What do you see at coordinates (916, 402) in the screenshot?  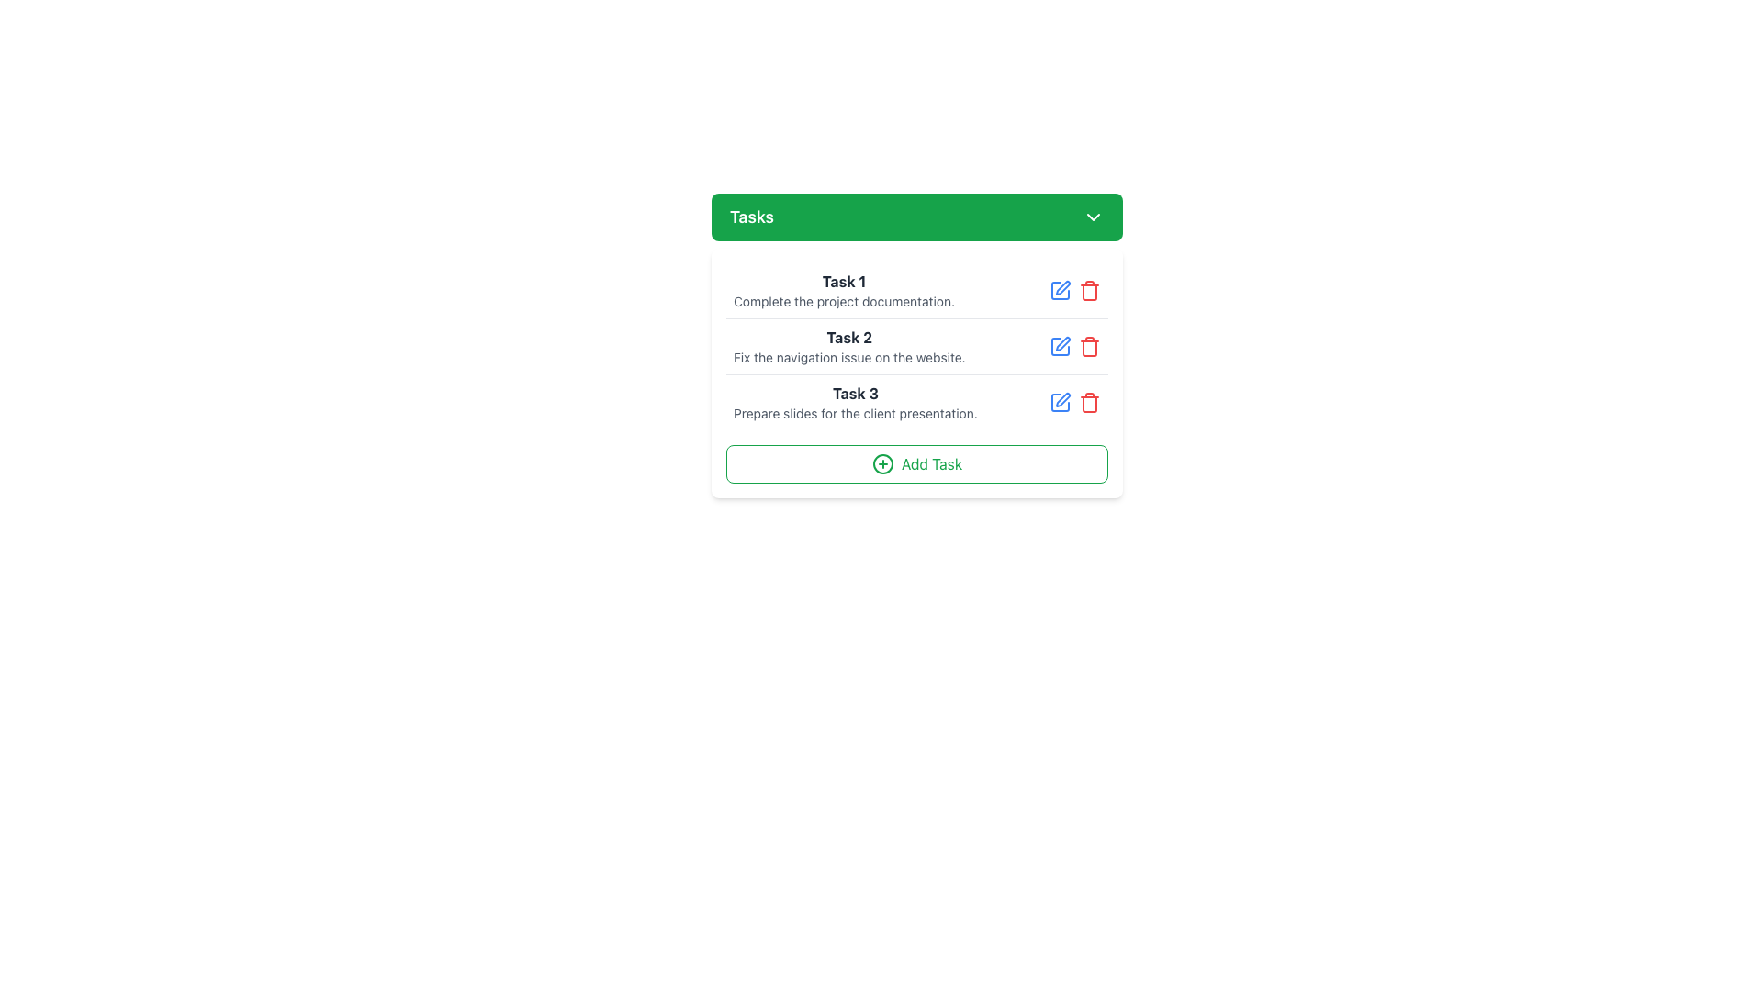 I see `the text of the task entry labeled 'Task 3' which includes the title and details in the to-do list` at bounding box center [916, 402].